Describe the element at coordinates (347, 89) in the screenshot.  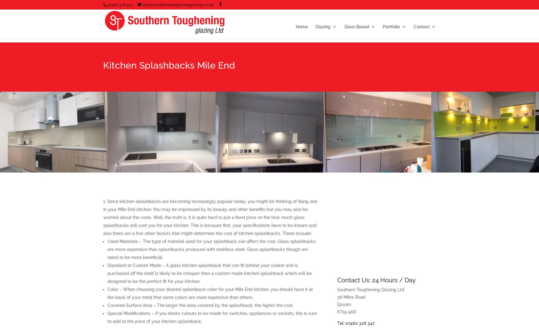
I see `'Double glazed units'` at that location.